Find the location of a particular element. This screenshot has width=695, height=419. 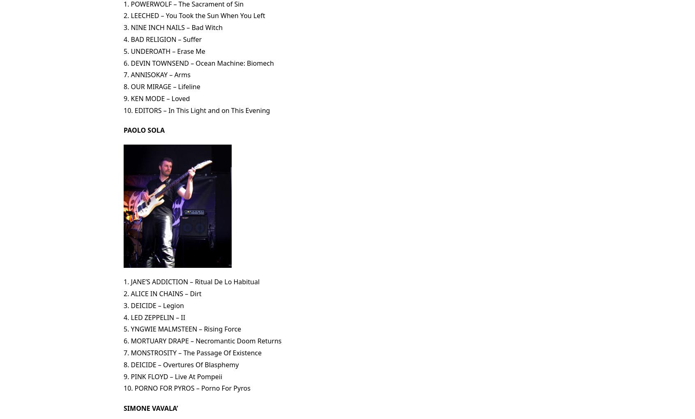

'5. YNGWIE MALMSTEEN – Rising Force' is located at coordinates (182, 329).